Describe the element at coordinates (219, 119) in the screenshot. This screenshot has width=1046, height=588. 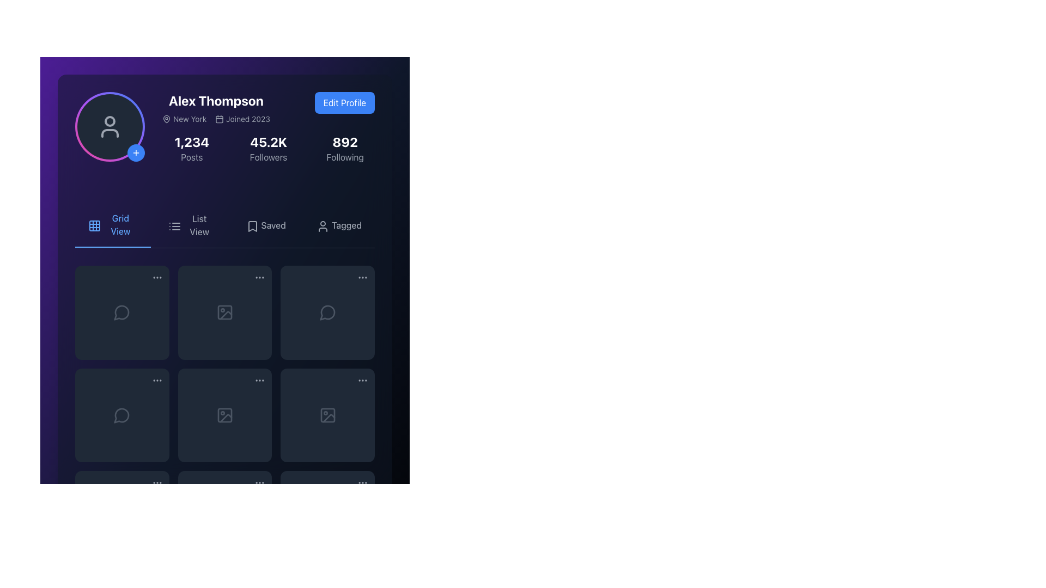
I see `the non-interactive background shape of the calendar icon that complements the 'Joined' date for user 'Alex Thompson'` at that location.